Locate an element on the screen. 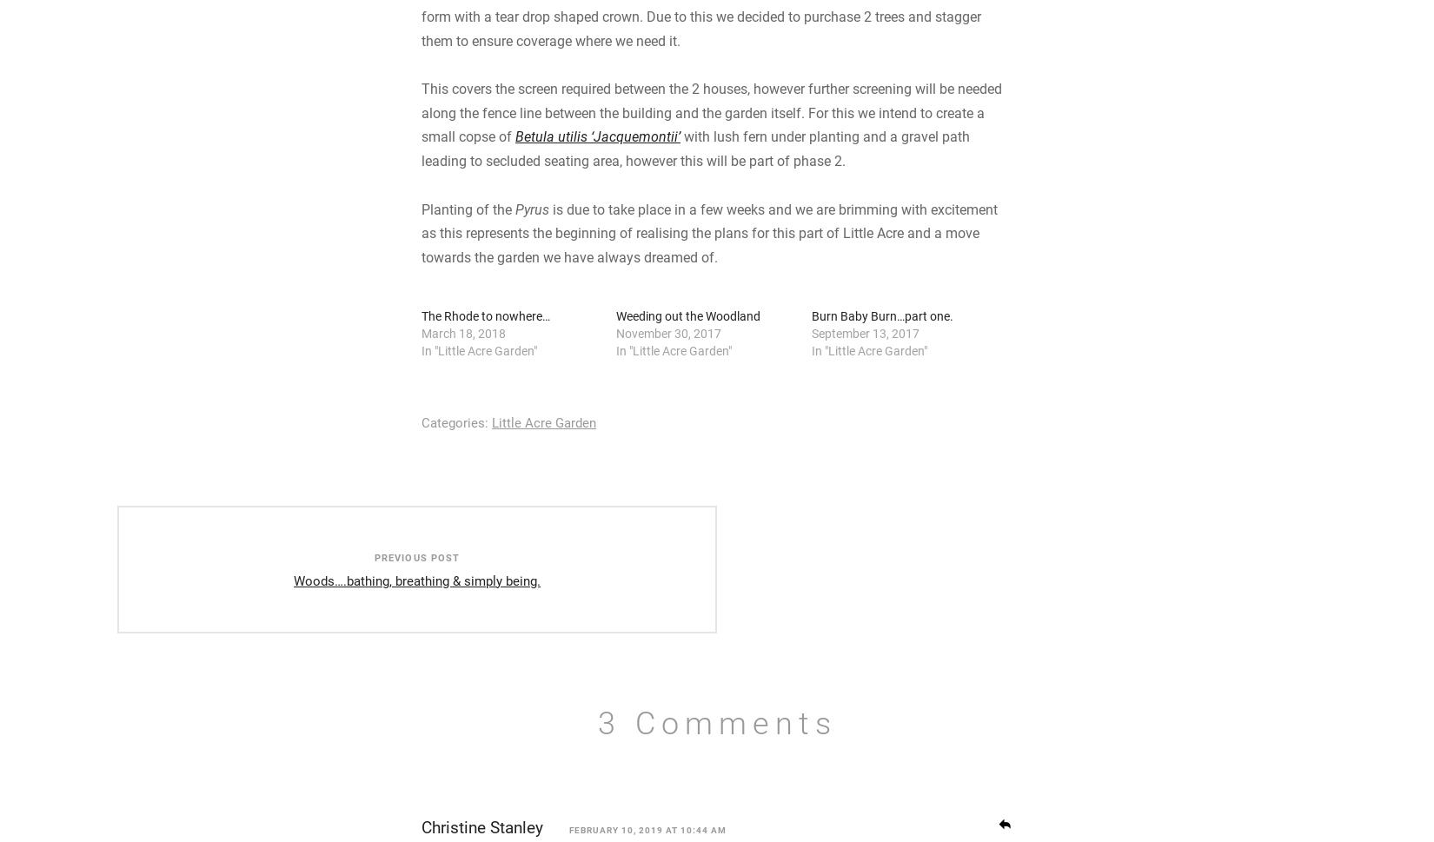  'Betula utilis ‘Jacquemontii’' is located at coordinates (597, 278).